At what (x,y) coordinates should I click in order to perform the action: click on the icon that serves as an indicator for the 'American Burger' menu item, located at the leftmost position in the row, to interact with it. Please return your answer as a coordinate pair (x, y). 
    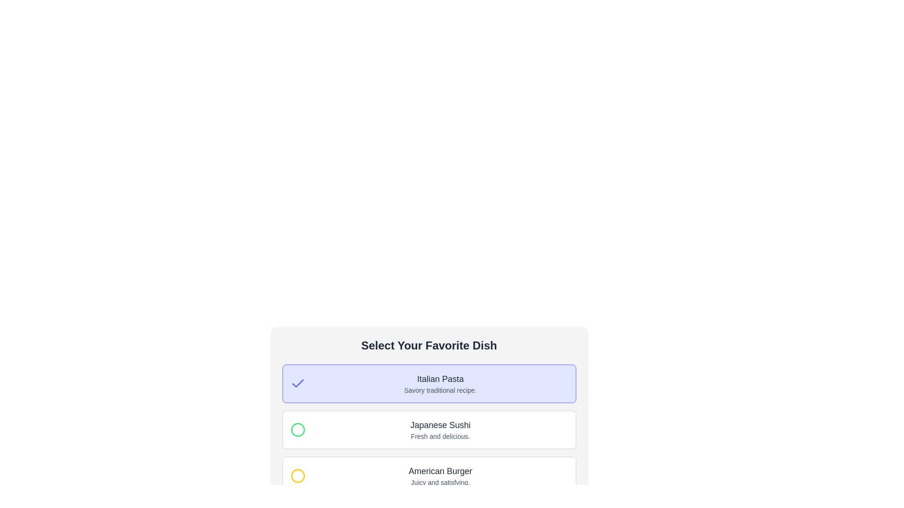
    Looking at the image, I should click on (297, 476).